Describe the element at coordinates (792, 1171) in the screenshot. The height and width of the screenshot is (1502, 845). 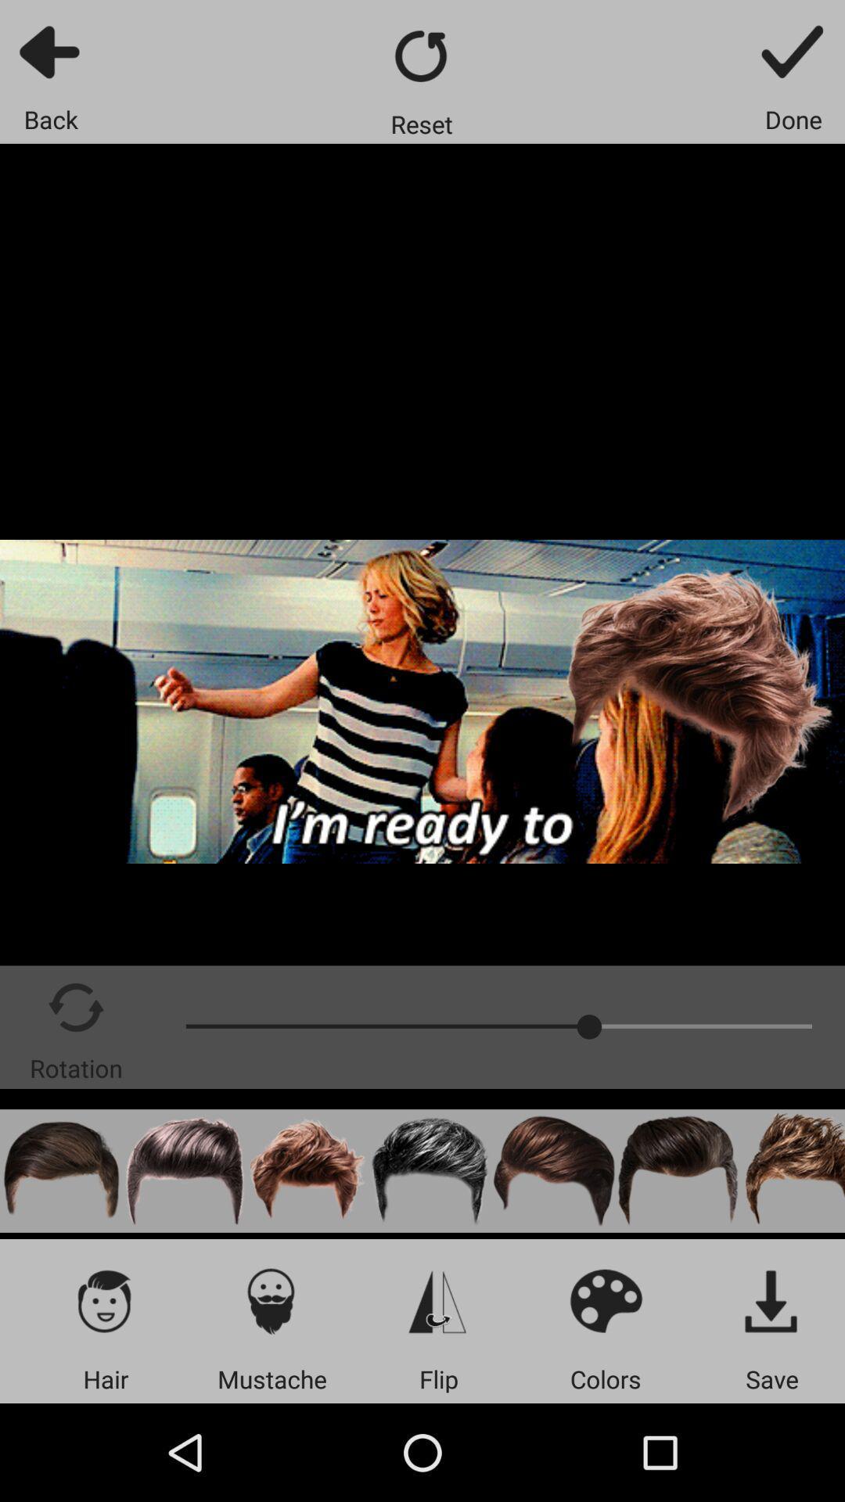
I see `hairstyle` at that location.